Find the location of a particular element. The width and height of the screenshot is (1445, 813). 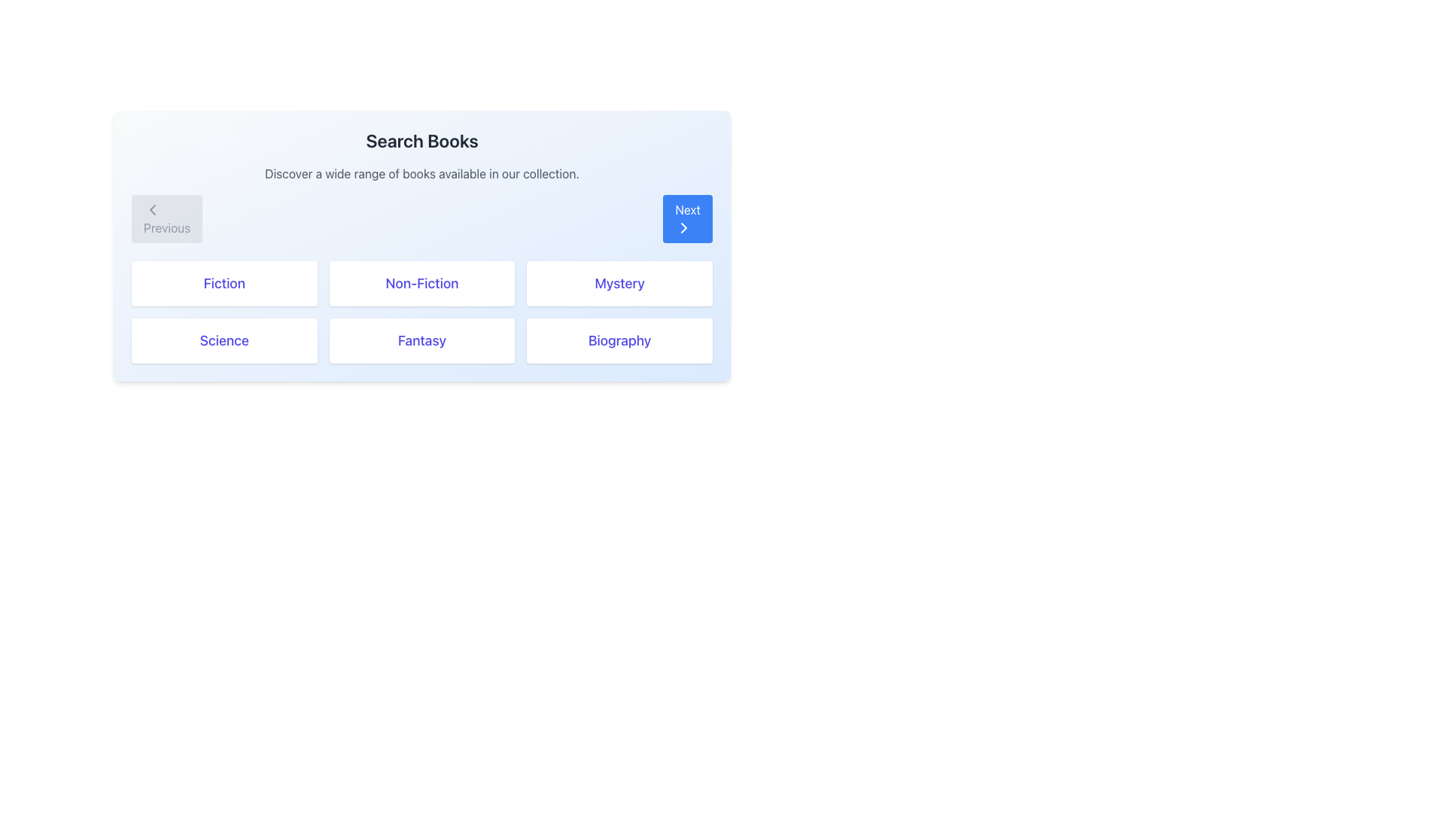

the 'Fantasy' category filter button, which is the second button in the second row of a 3x2 grid layout is located at coordinates (421, 340).